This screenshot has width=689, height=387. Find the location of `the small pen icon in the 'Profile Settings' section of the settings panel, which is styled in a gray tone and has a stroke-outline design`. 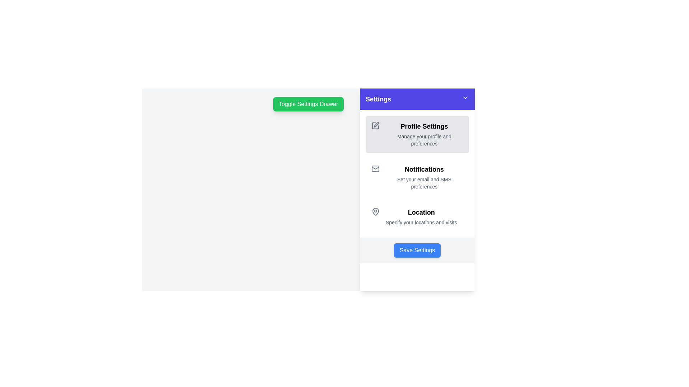

the small pen icon in the 'Profile Settings' section of the settings panel, which is styled in a gray tone and has a stroke-outline design is located at coordinates (376, 124).